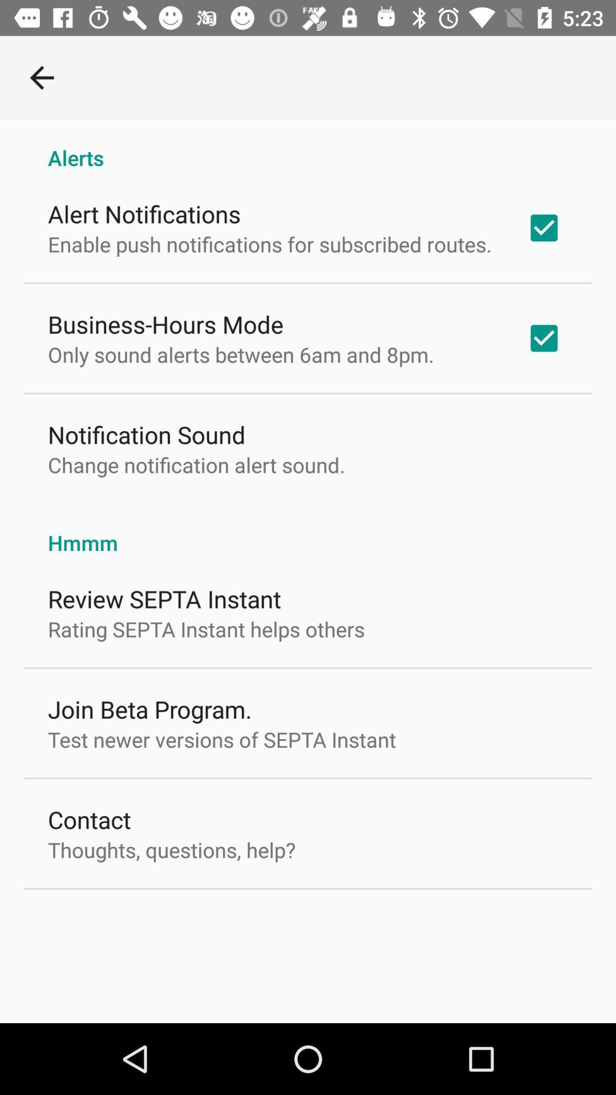 The image size is (616, 1095). What do you see at coordinates (165, 323) in the screenshot?
I see `business-hours mode` at bounding box center [165, 323].